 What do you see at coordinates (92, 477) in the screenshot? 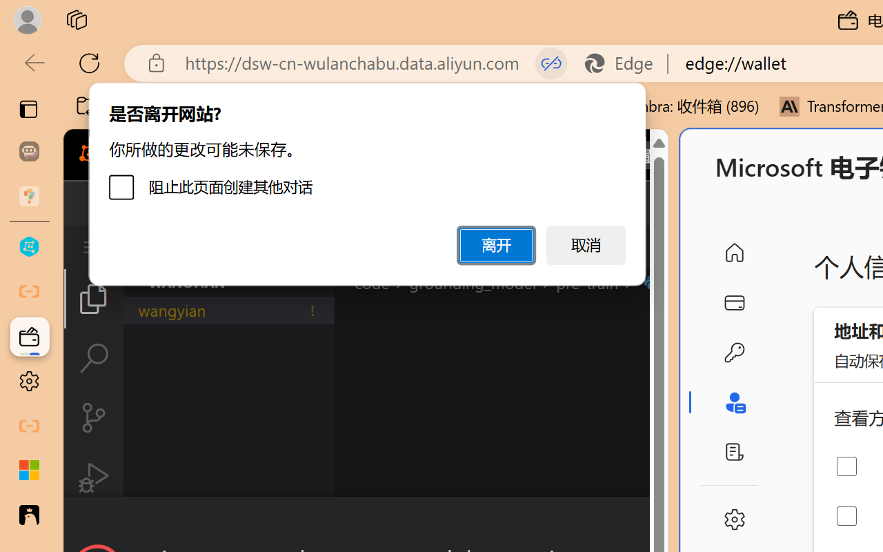
I see `'Run and Debug (Ctrl+Shift+D)'` at bounding box center [92, 477].